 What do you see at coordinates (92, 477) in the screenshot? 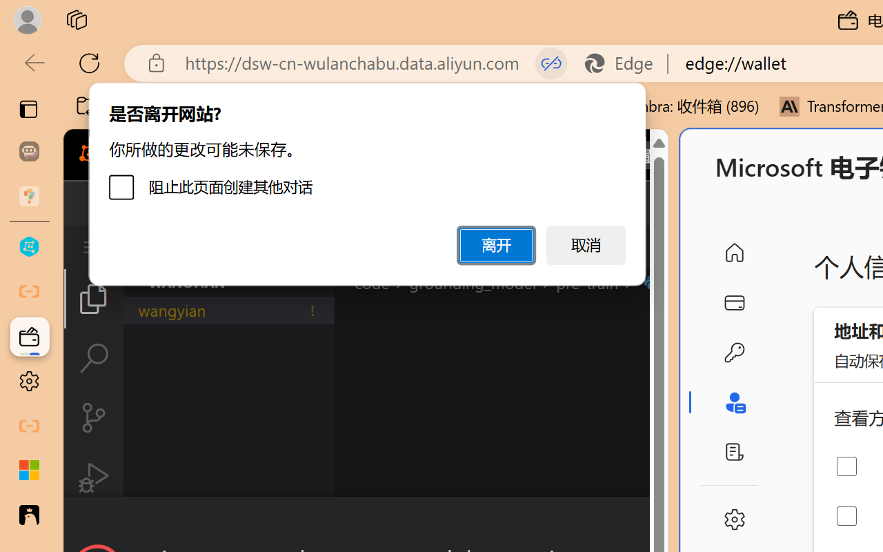
I see `'Run and Debug (Ctrl+Shift+D)'` at bounding box center [92, 477].